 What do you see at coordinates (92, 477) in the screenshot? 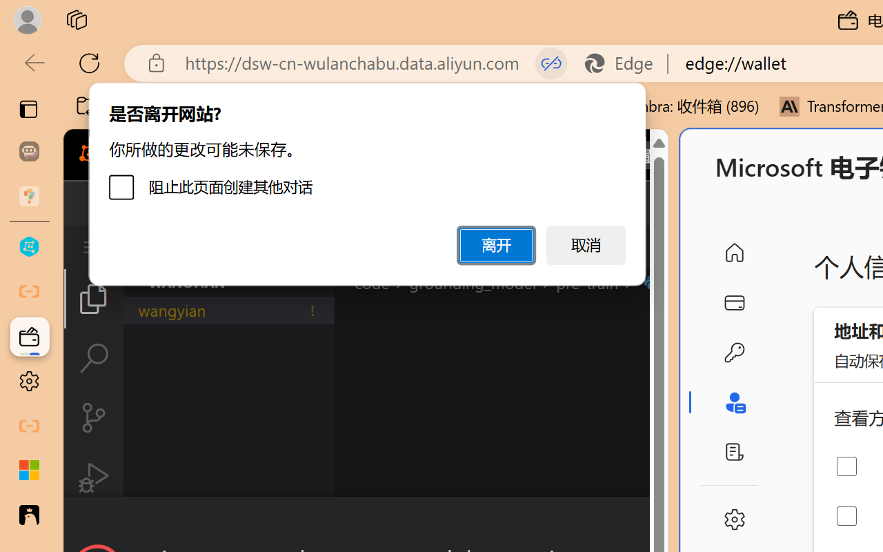
I see `'Run and Debug (Ctrl+Shift+D)'` at bounding box center [92, 477].